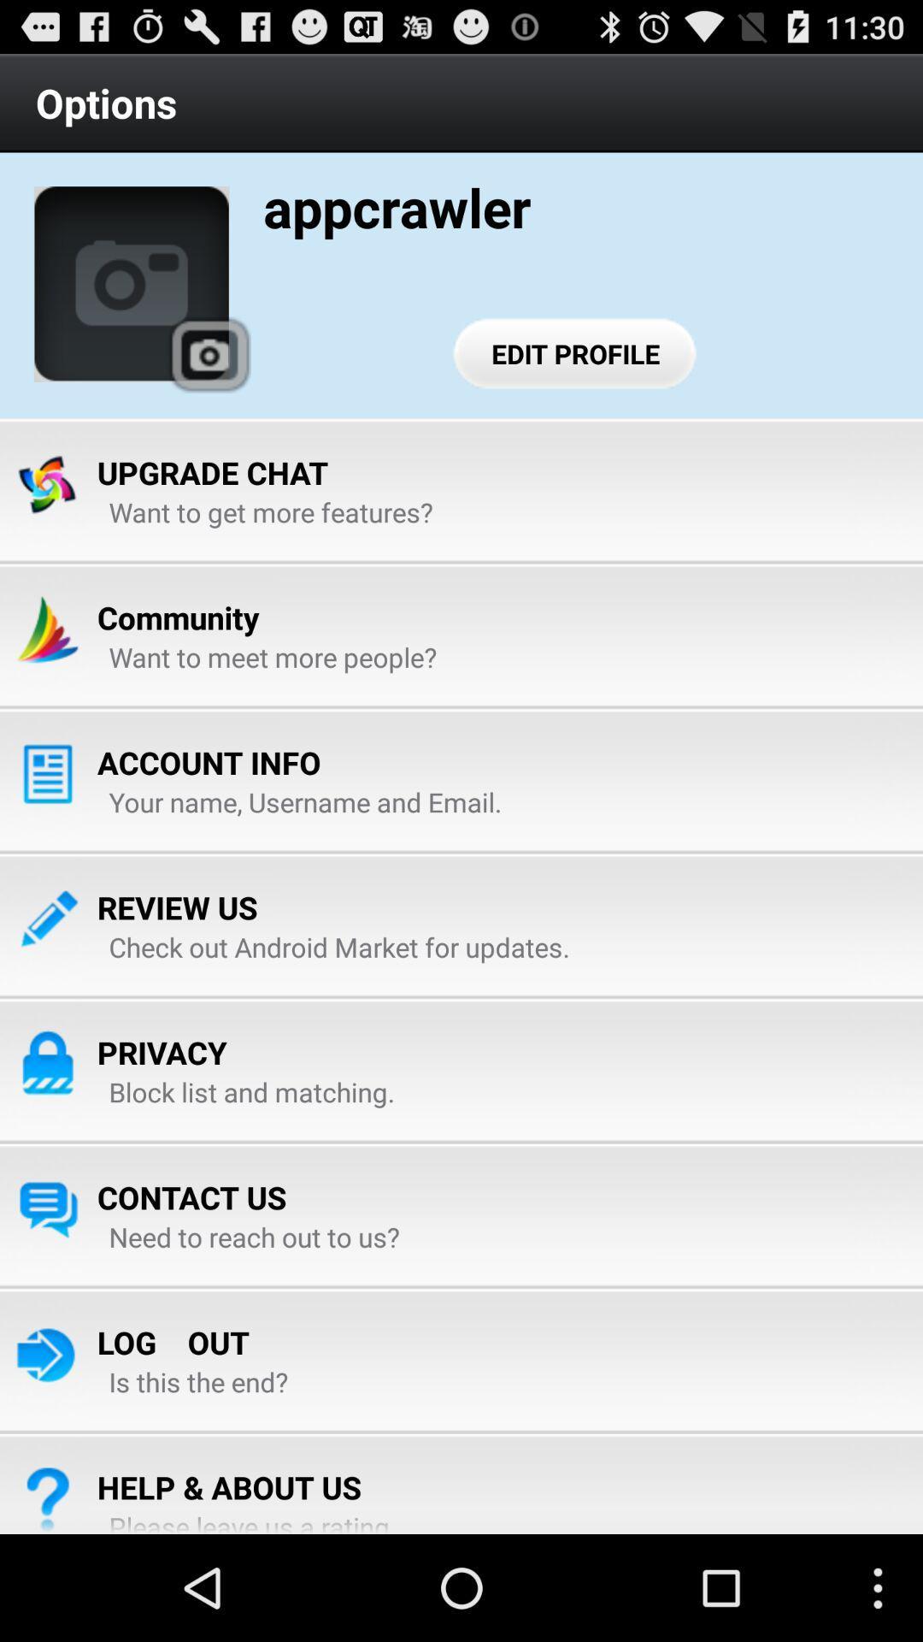 The image size is (923, 1642). Describe the element at coordinates (131, 284) in the screenshot. I see `profile picture` at that location.